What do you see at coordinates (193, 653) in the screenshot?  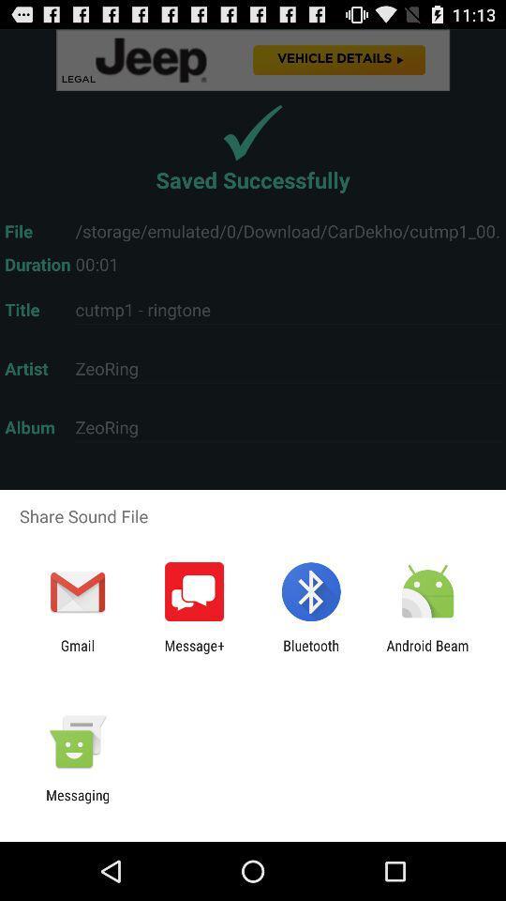 I see `the app to the right of the gmail` at bounding box center [193, 653].